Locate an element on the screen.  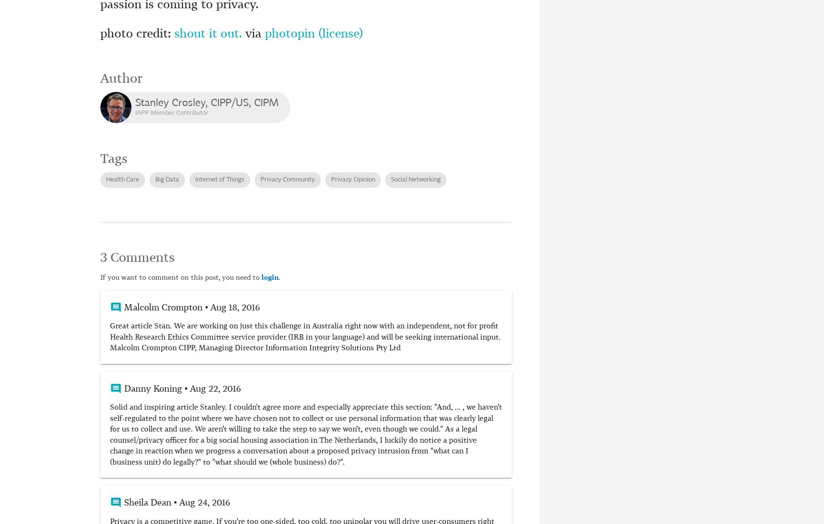
'Big Data' is located at coordinates (167, 179).